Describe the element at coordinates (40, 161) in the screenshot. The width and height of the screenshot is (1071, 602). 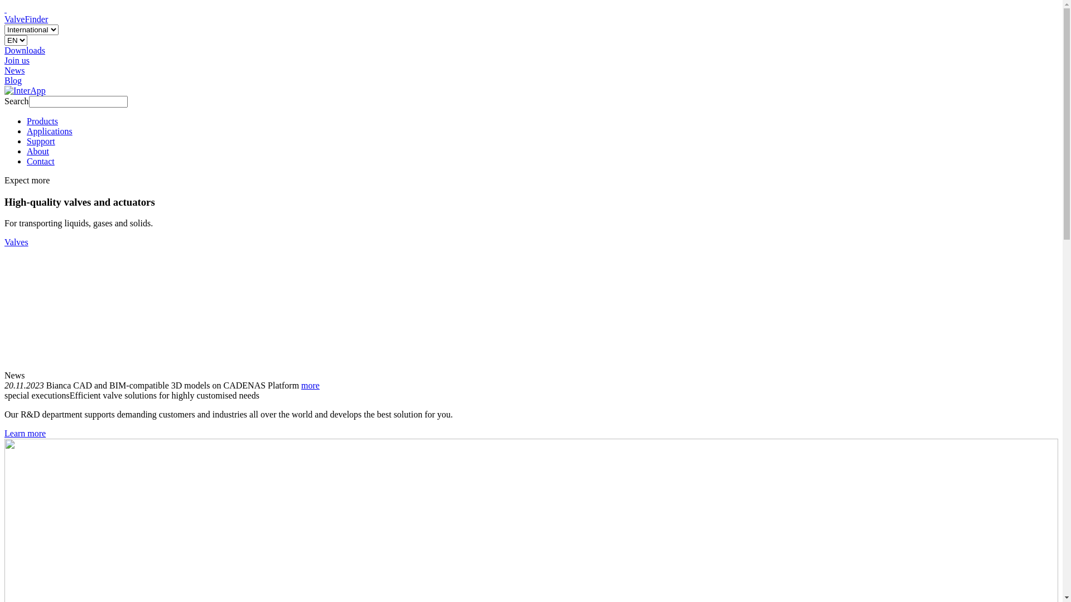
I see `'Contact'` at that location.